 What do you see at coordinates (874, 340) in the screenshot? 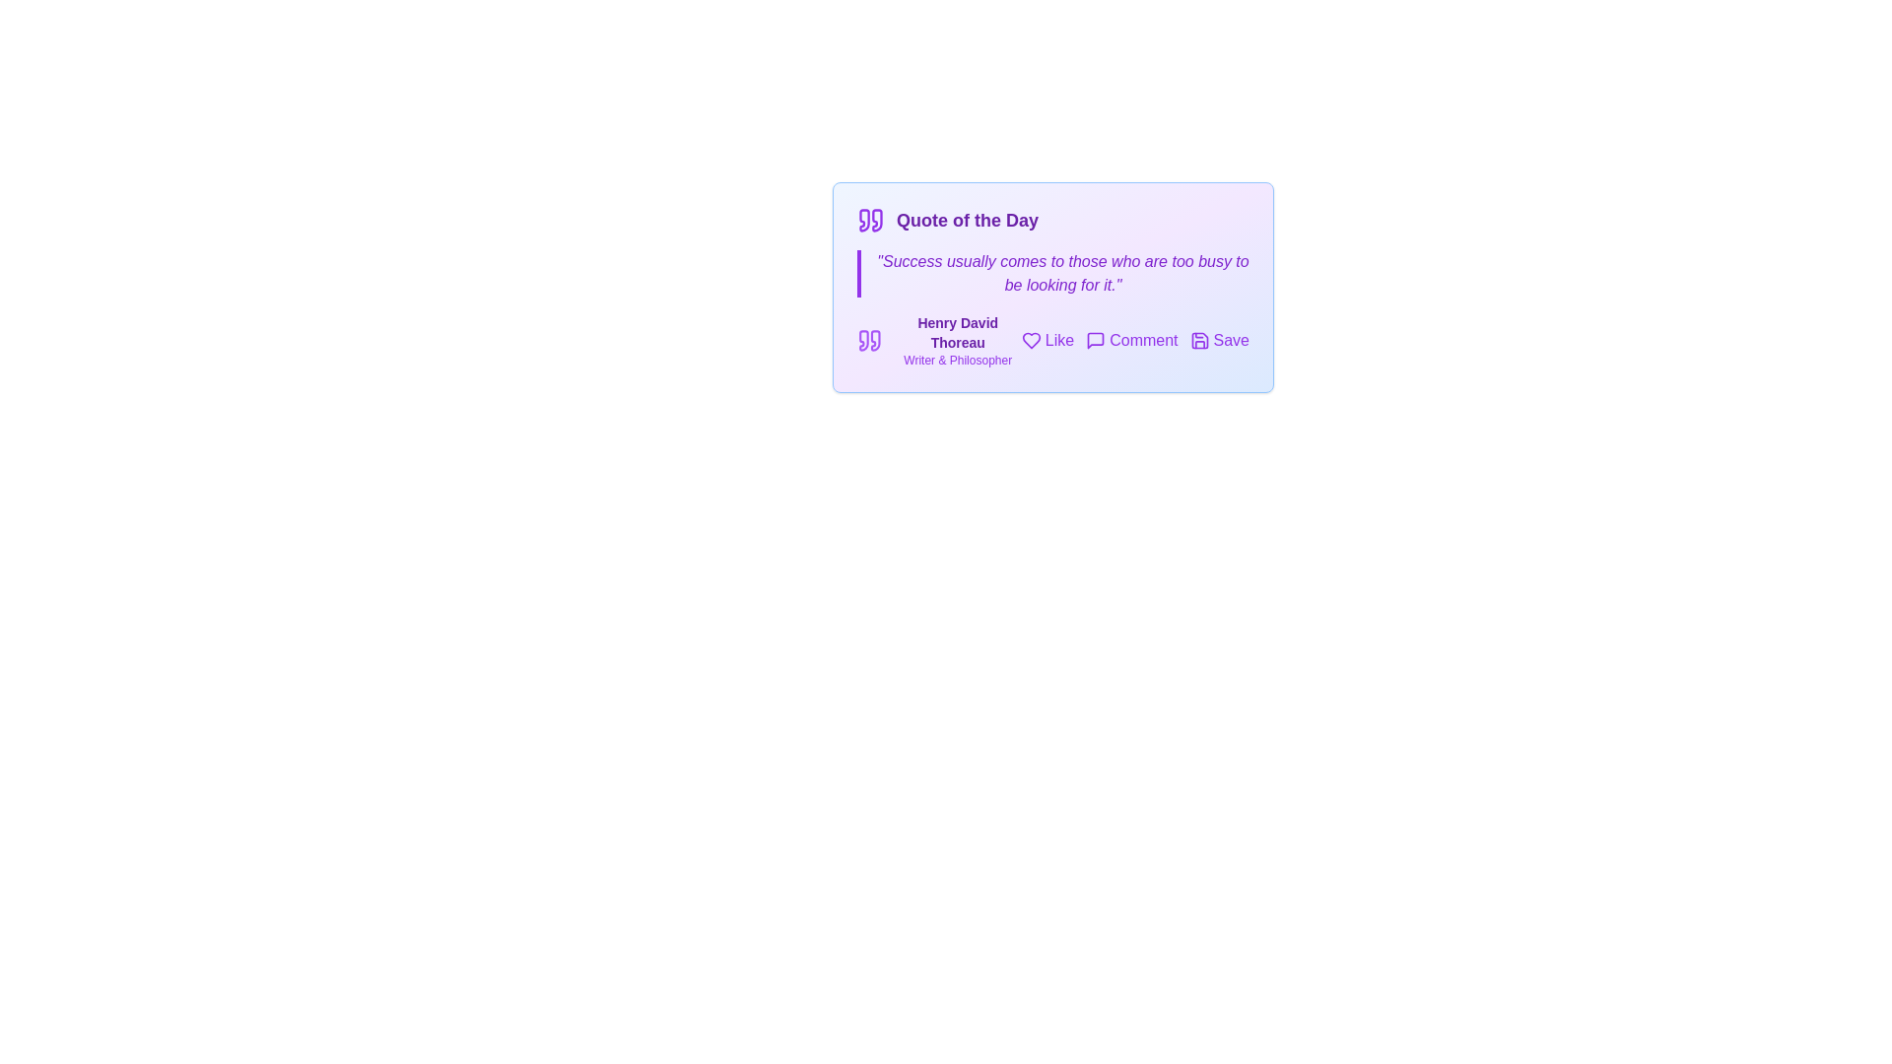
I see `the decorative graphical icon that visually denotes the quoted content within the card, located in the lower-left area of the card layout` at bounding box center [874, 340].